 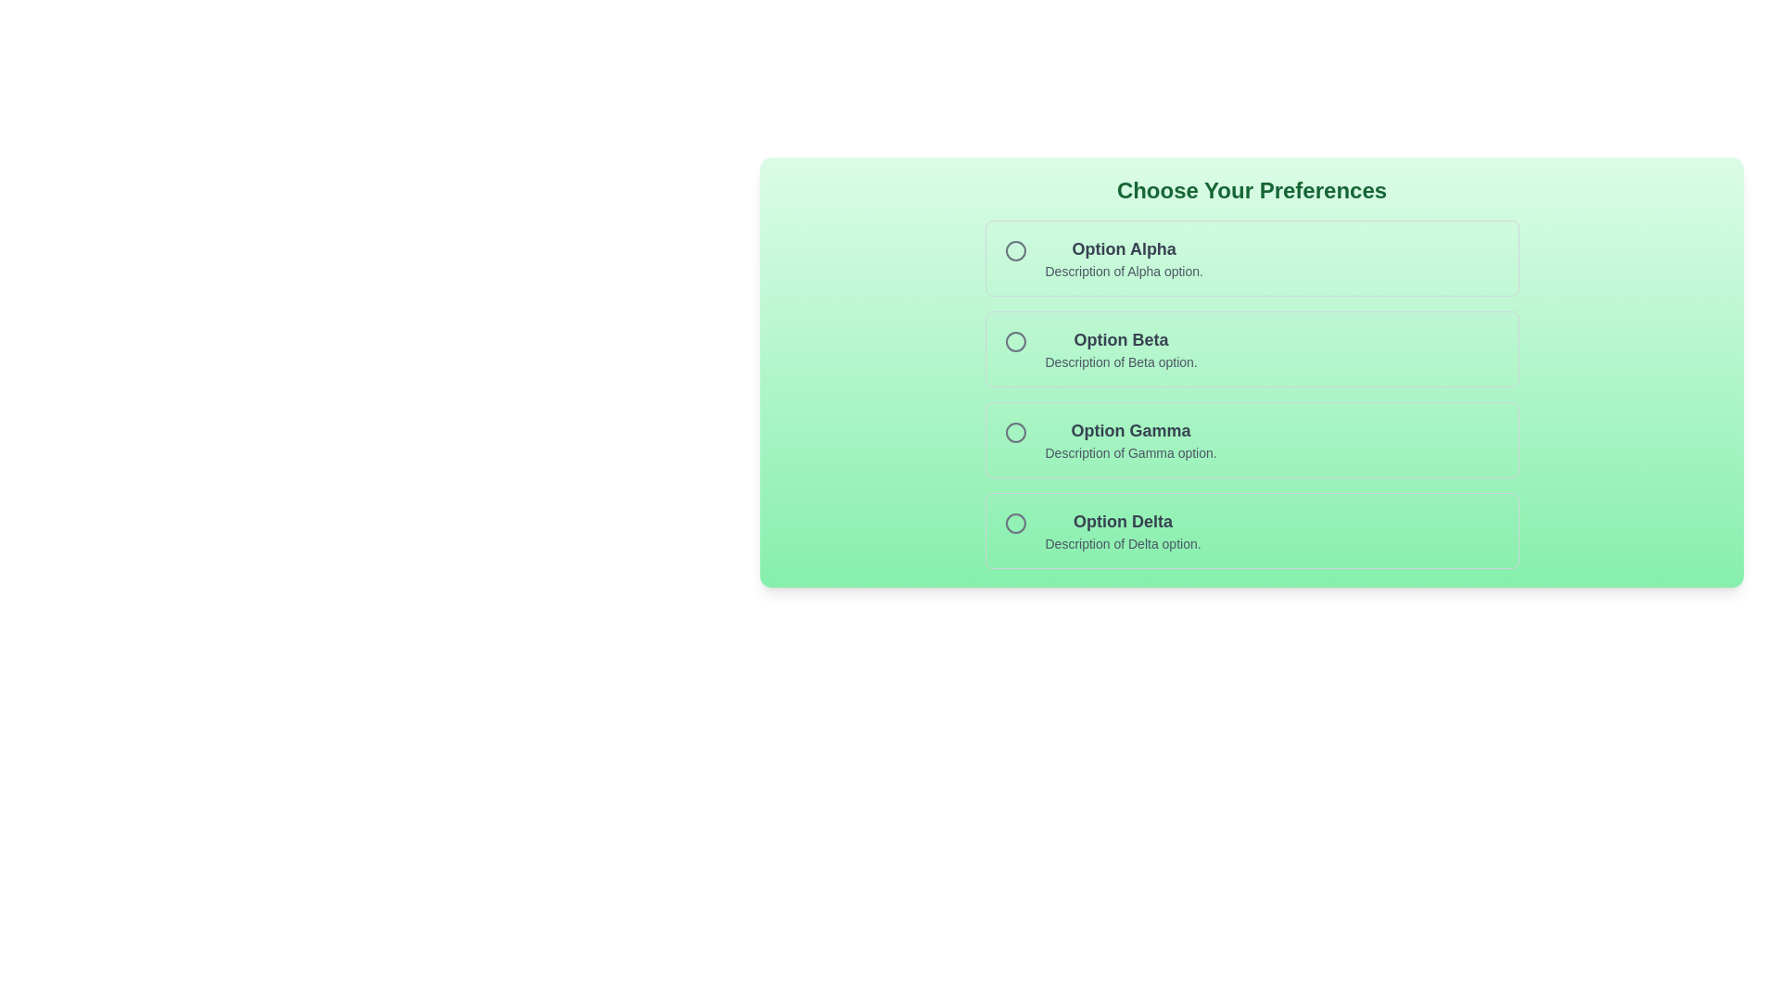 What do you see at coordinates (1014, 250) in the screenshot?
I see `the radio button (circle style indicator)` at bounding box center [1014, 250].